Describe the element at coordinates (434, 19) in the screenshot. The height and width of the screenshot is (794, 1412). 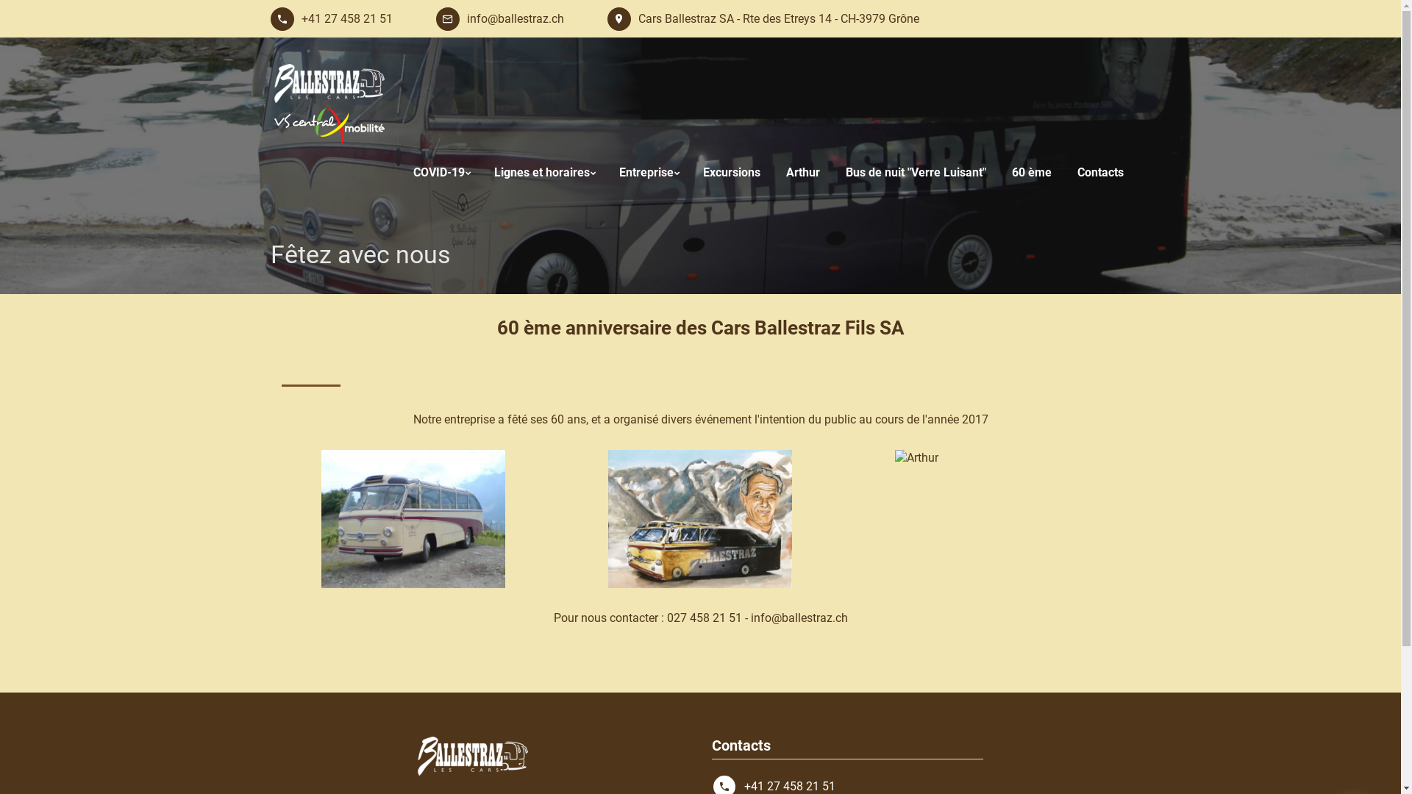
I see `'info@ballestraz.ch'` at that location.